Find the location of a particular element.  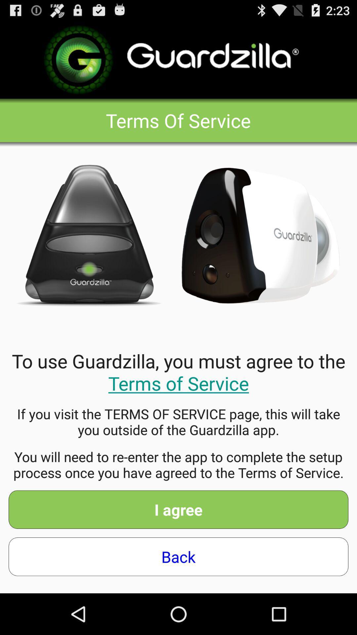

the i agree is located at coordinates (178, 509).